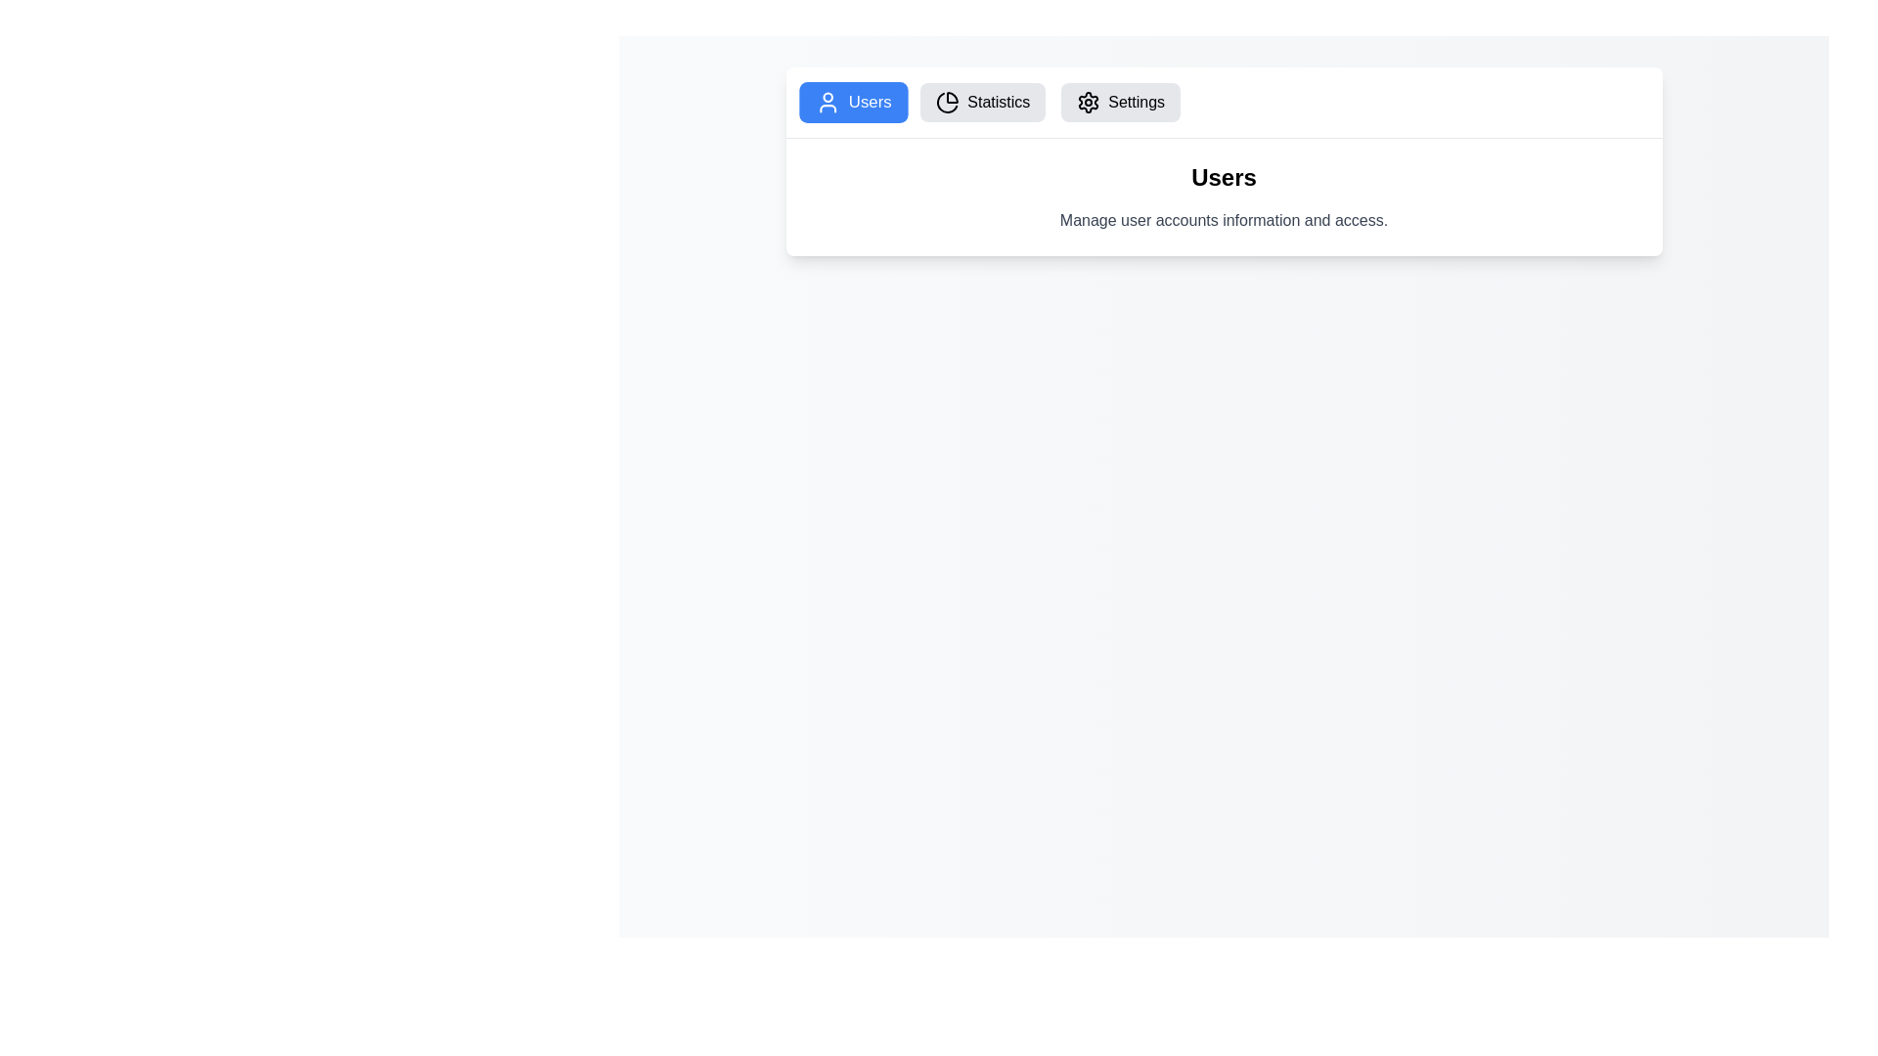  What do you see at coordinates (853, 102) in the screenshot?
I see `the bright blue 'Users' button with white text and a user silhouette icon` at bounding box center [853, 102].